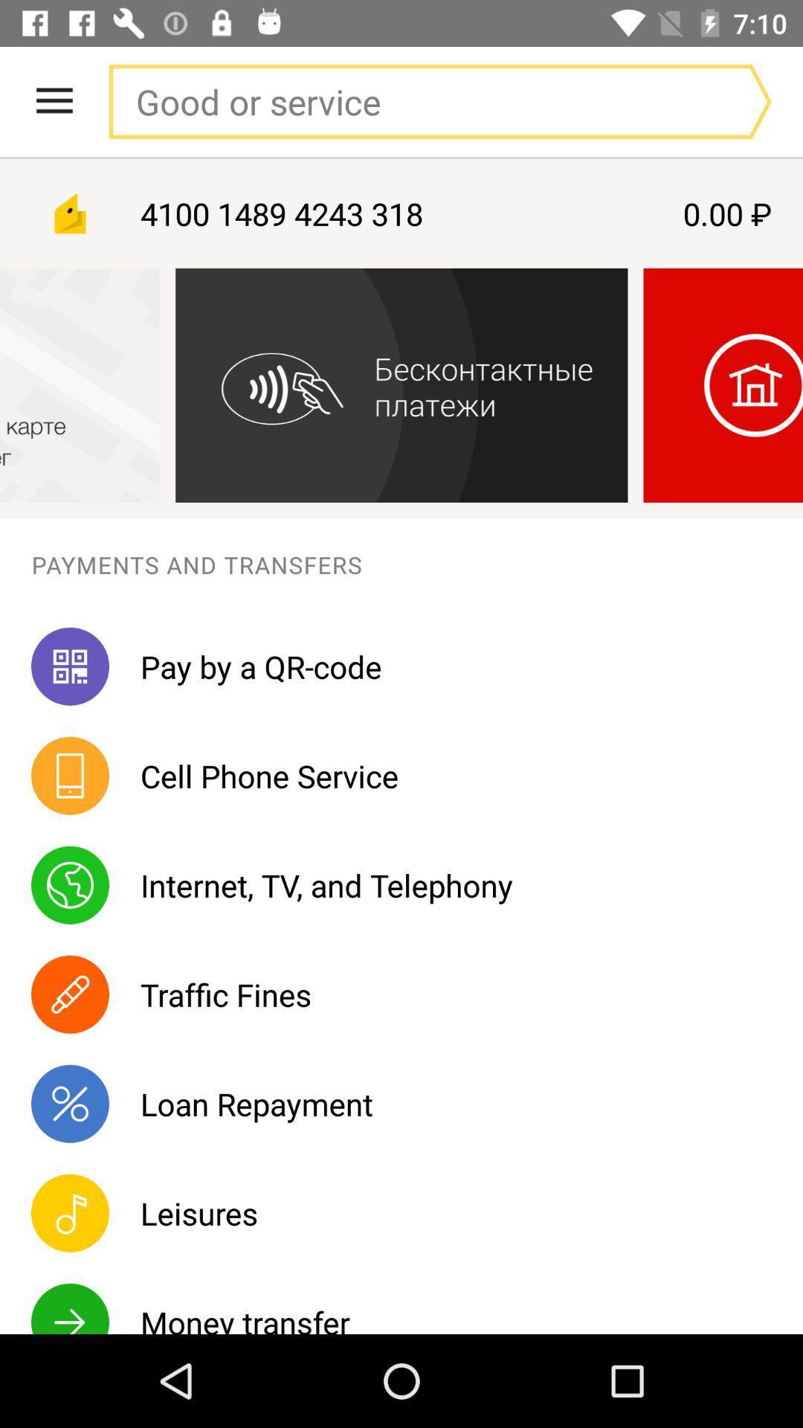 The width and height of the screenshot is (803, 1428). Describe the element at coordinates (410, 100) in the screenshot. I see `serch for good or service` at that location.